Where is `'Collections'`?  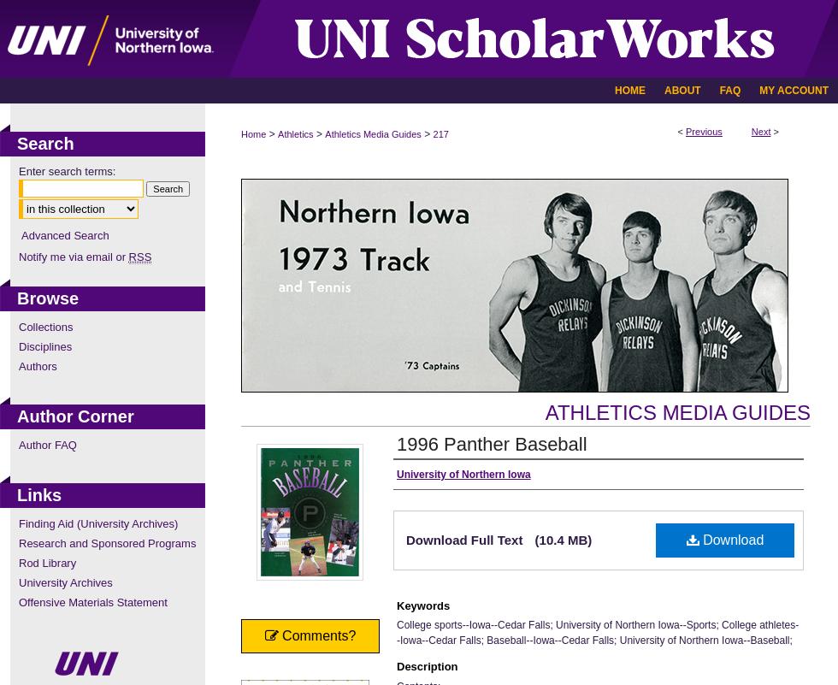
'Collections' is located at coordinates (45, 326).